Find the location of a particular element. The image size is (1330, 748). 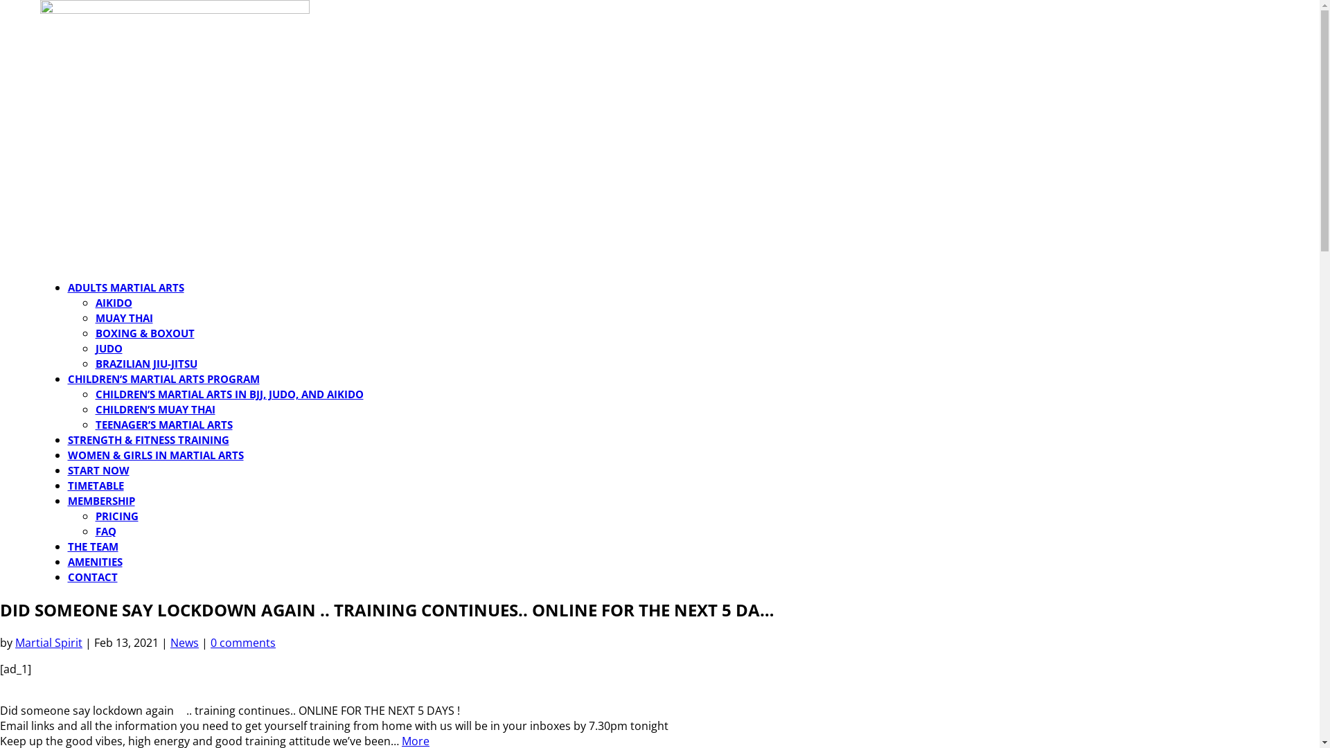

'BOXING & BOXOUT' is located at coordinates (145, 333).